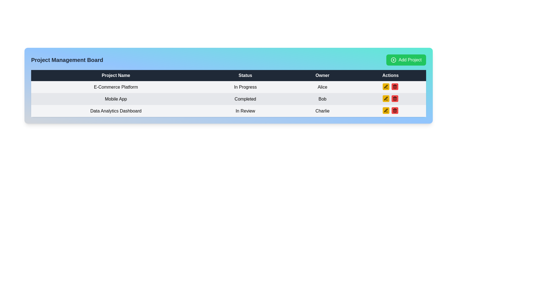 The height and width of the screenshot is (300, 534). What do you see at coordinates (322, 87) in the screenshot?
I see `the text label displaying the name 'Alice', which identifies the owner of the project under the 'Owner' column for 'E-Commerce Platform'` at bounding box center [322, 87].